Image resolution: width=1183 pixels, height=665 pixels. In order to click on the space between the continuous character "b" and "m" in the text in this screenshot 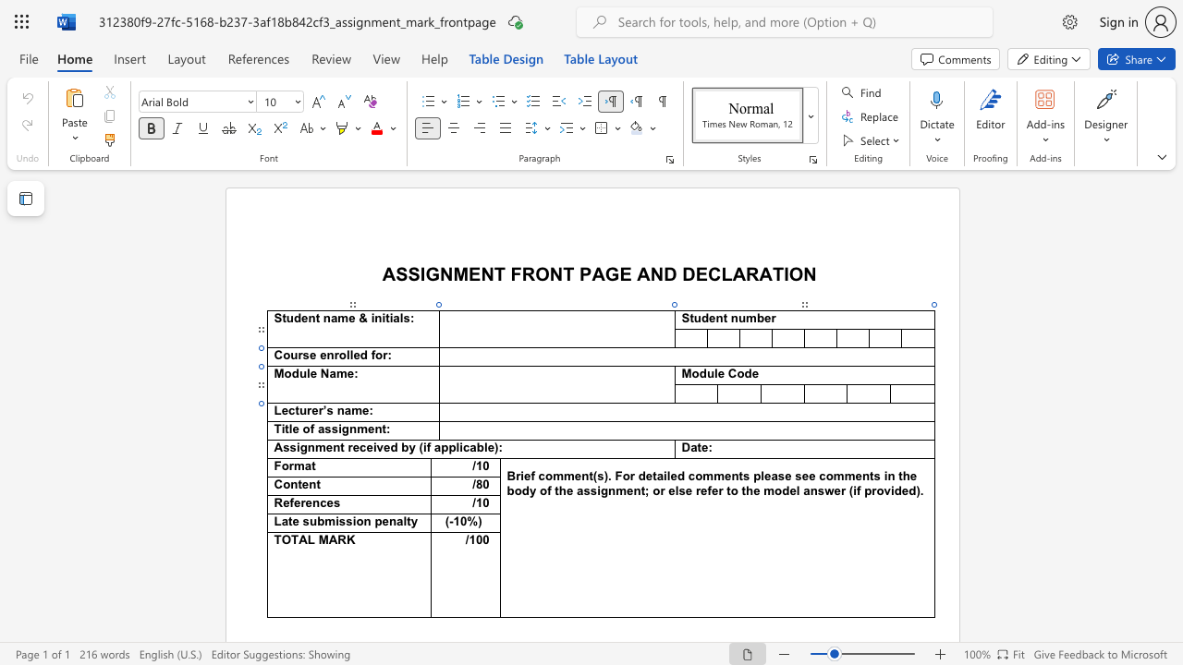, I will do `click(325, 521)`.